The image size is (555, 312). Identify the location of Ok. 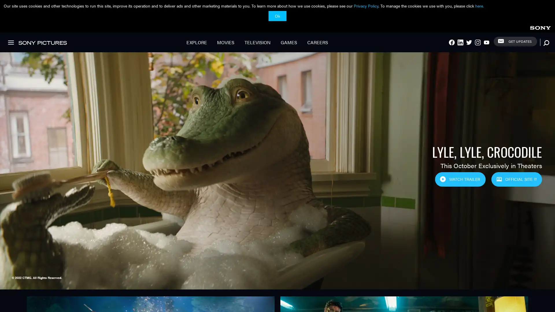
(277, 16).